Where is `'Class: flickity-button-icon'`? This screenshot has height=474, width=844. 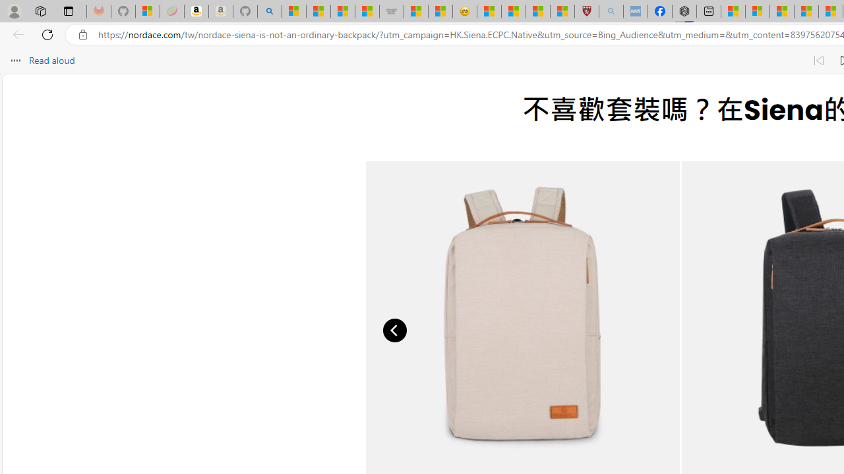
'Class: flickity-button-icon' is located at coordinates (394, 330).